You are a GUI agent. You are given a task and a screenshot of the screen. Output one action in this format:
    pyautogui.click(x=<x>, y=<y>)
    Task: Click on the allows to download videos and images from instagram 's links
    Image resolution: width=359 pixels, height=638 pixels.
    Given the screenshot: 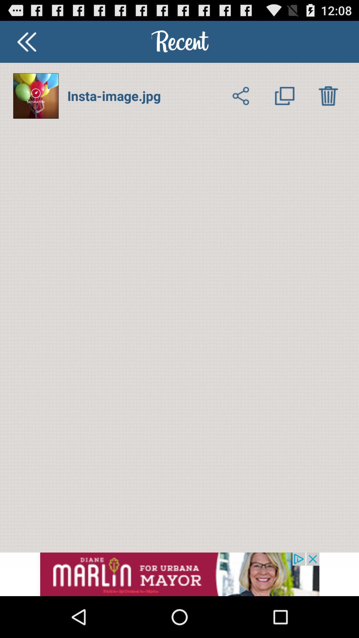 What is the action you would take?
    pyautogui.click(x=328, y=95)
    